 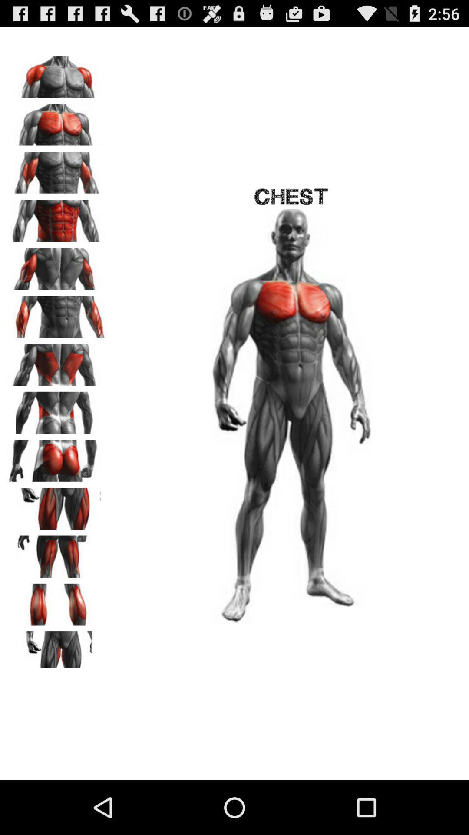 I want to click on arms, so click(x=57, y=313).